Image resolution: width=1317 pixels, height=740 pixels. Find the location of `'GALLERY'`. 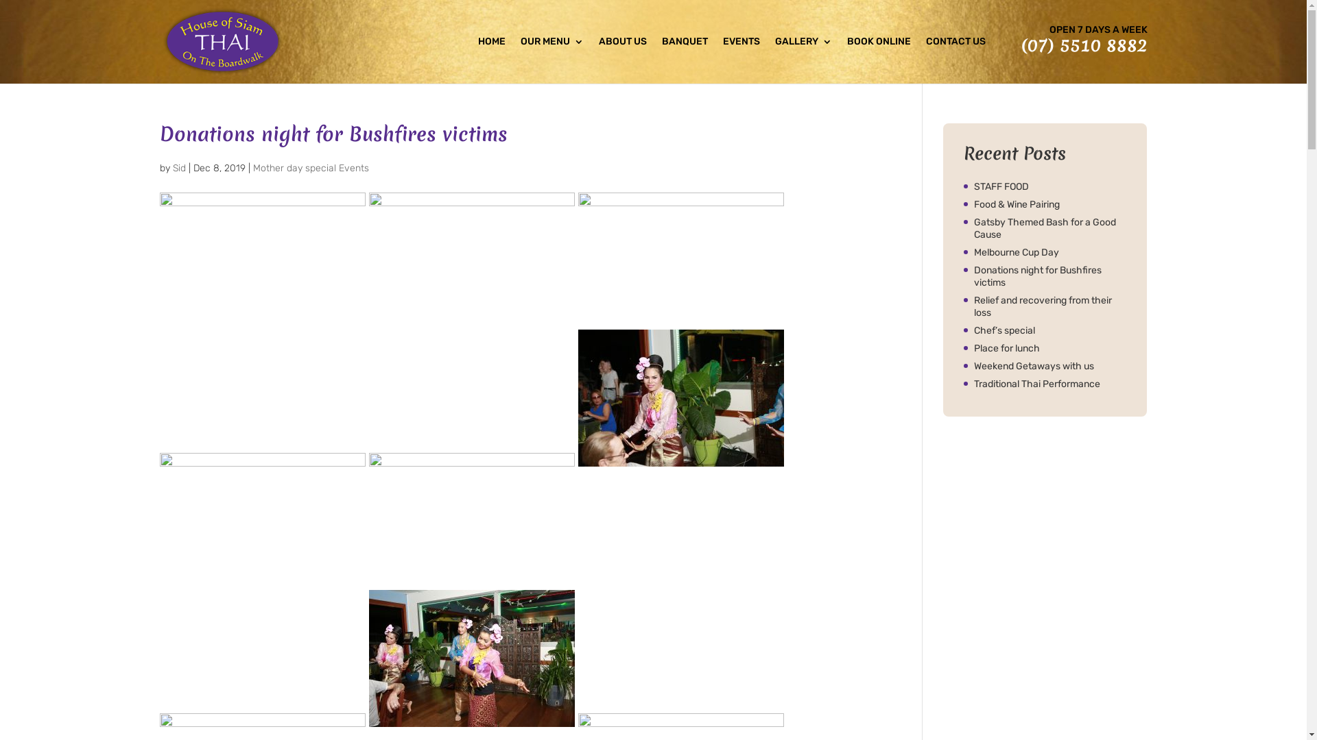

'GALLERY' is located at coordinates (803, 60).